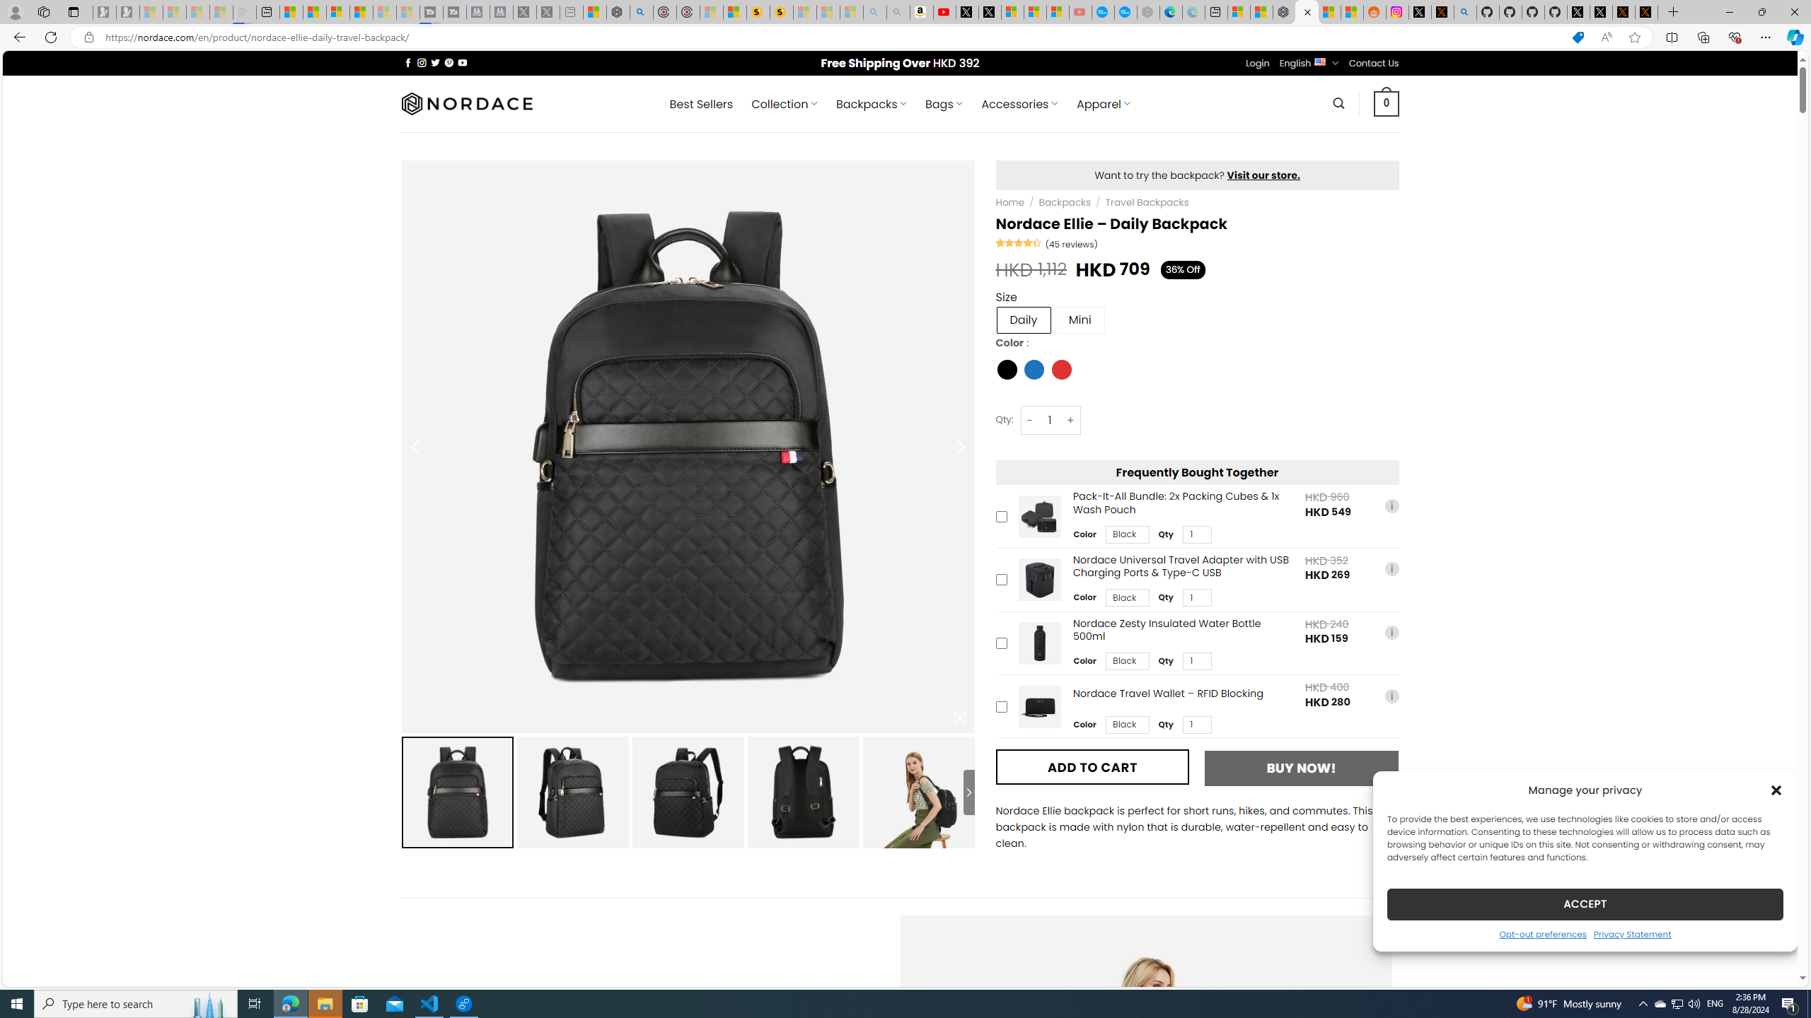 This screenshot has height=1018, width=1811. Describe the element at coordinates (1029, 419) in the screenshot. I see `'-'` at that location.